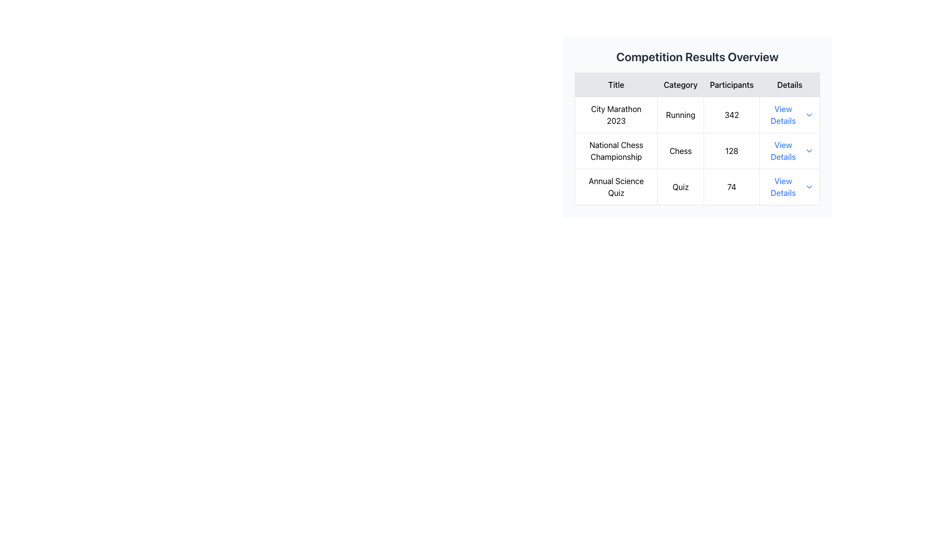  I want to click on the text link in the 'Details' column of the second row of the table that corresponds to the 'National Chess Championship' entry to trigger any potential hover effects, so click(783, 151).